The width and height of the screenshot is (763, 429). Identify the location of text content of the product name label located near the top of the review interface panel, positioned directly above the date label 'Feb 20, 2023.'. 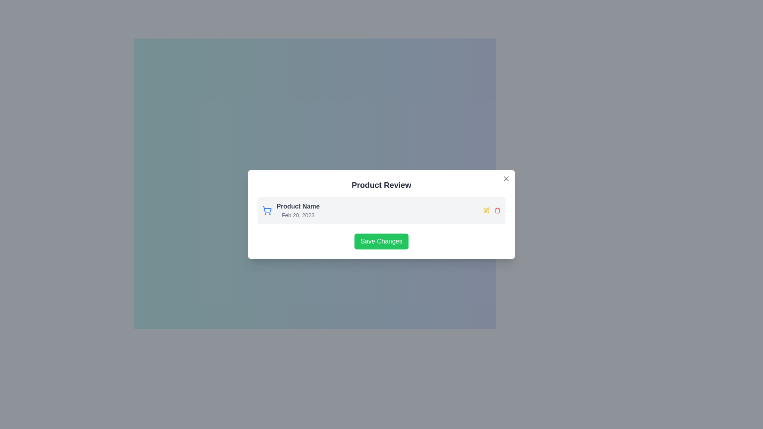
(298, 206).